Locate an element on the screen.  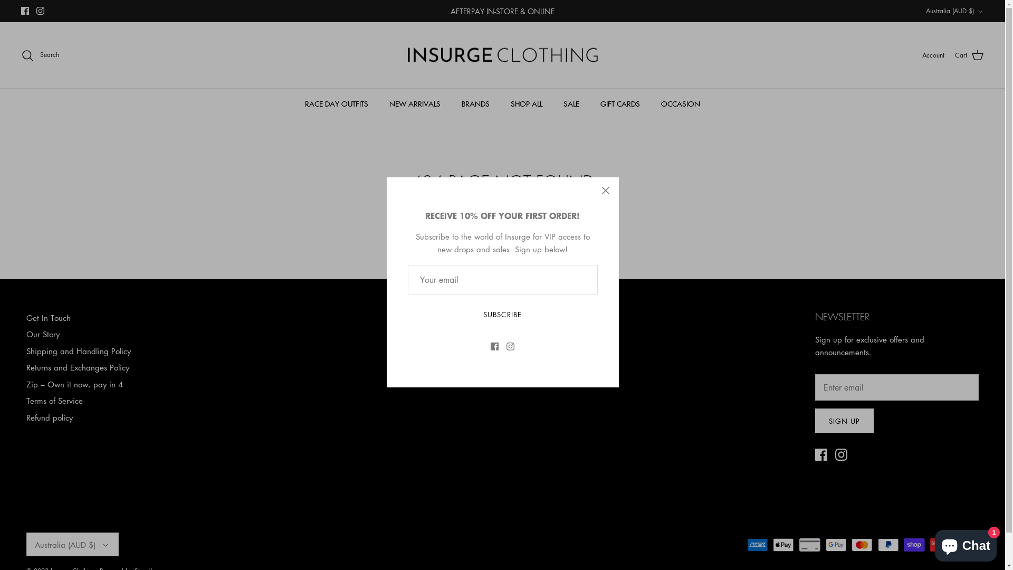
'Terms of Service' is located at coordinates (54, 401).